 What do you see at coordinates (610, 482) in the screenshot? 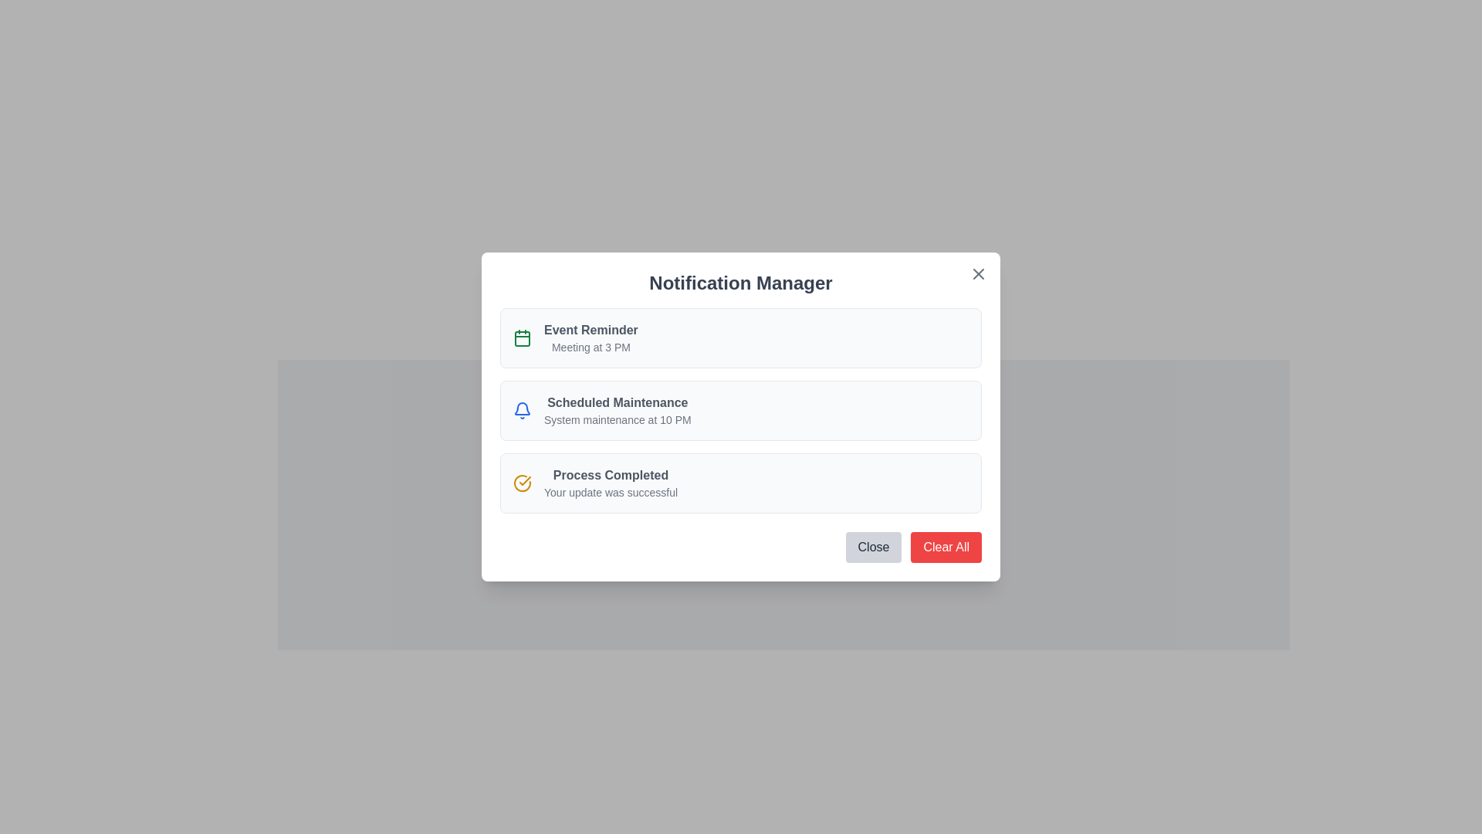
I see `notification message indicating that a process has successfully completed, located in the third box of the notification list below 'Scheduled Maintenance.'` at bounding box center [610, 482].